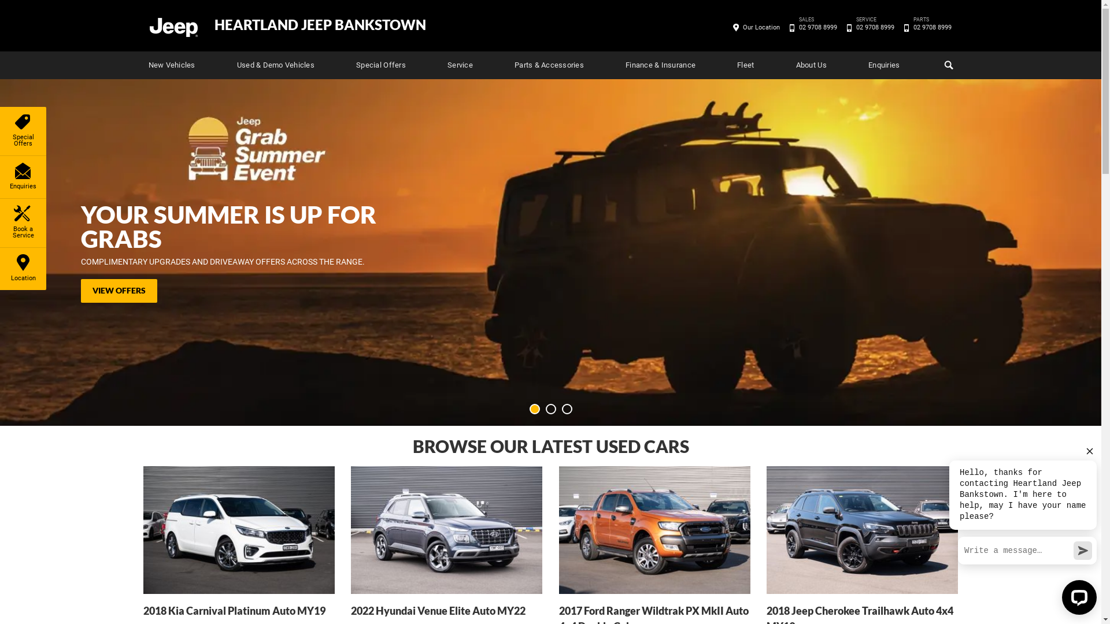 The width and height of the screenshot is (1110, 624). Describe the element at coordinates (23, 177) in the screenshot. I see `'Enquiries'` at that location.